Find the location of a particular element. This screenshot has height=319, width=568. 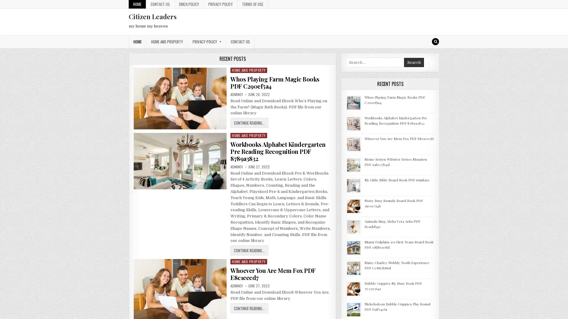

Search is located at coordinates (414, 62).